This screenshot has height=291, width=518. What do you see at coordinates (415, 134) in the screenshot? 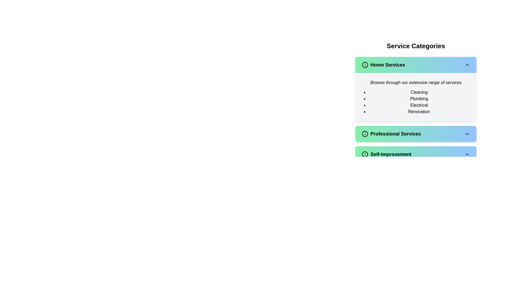
I see `the 'Professional Services' button with dropdown functionality, which is the second item in the 'Service Categories' section, featuring a gradient background and a downward-facing chevron` at bounding box center [415, 134].